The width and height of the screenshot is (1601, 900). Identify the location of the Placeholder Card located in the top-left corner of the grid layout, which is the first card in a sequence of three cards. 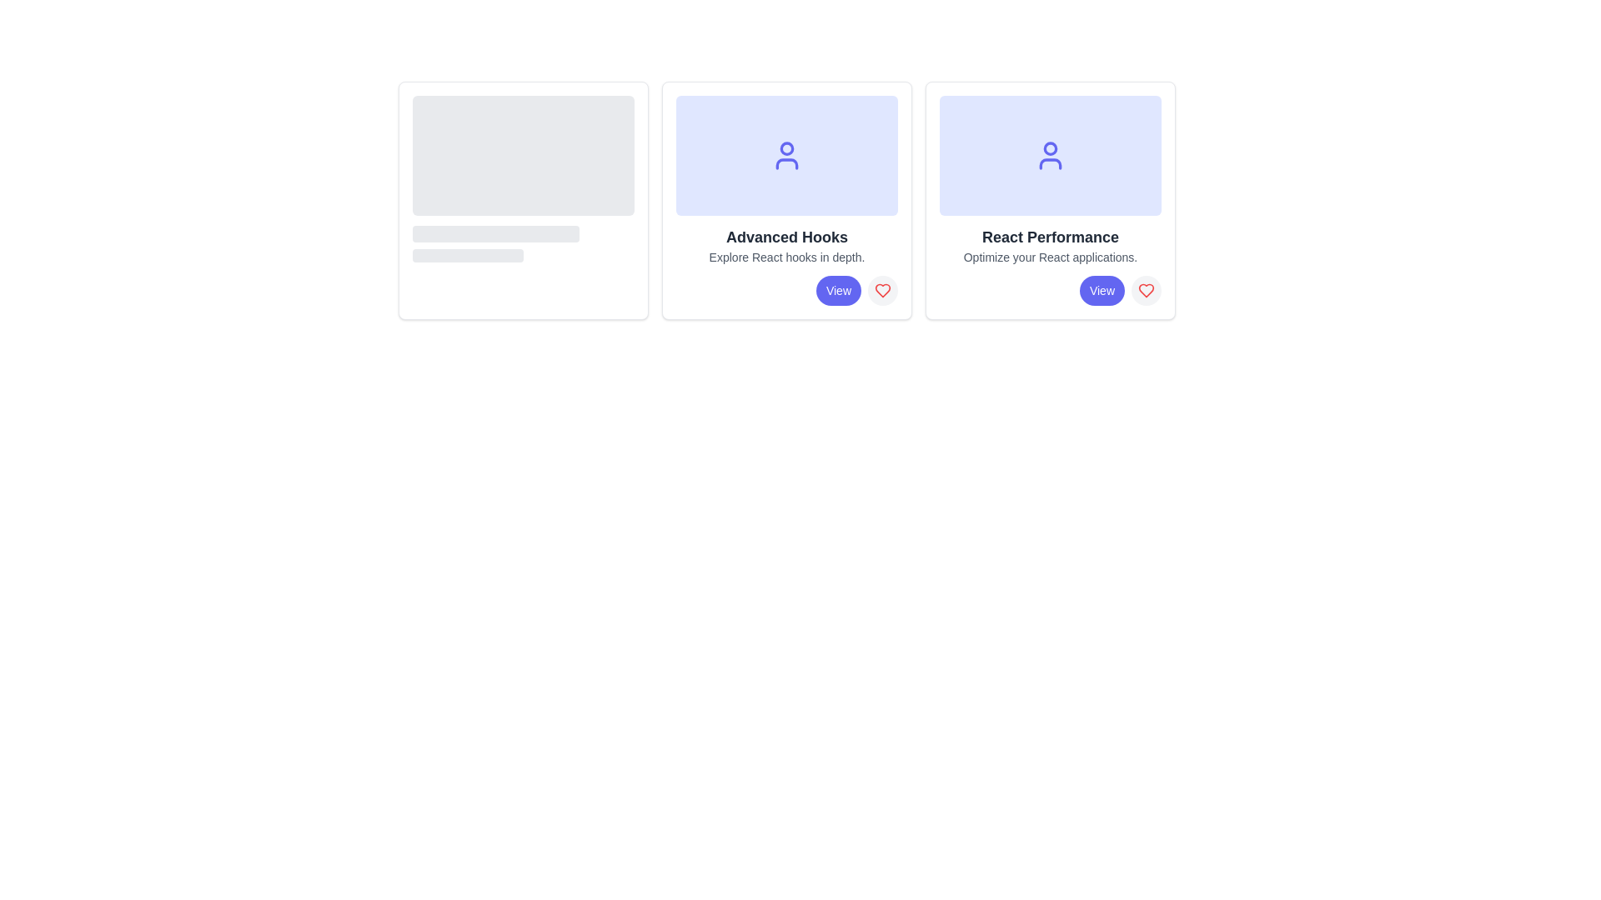
(523, 199).